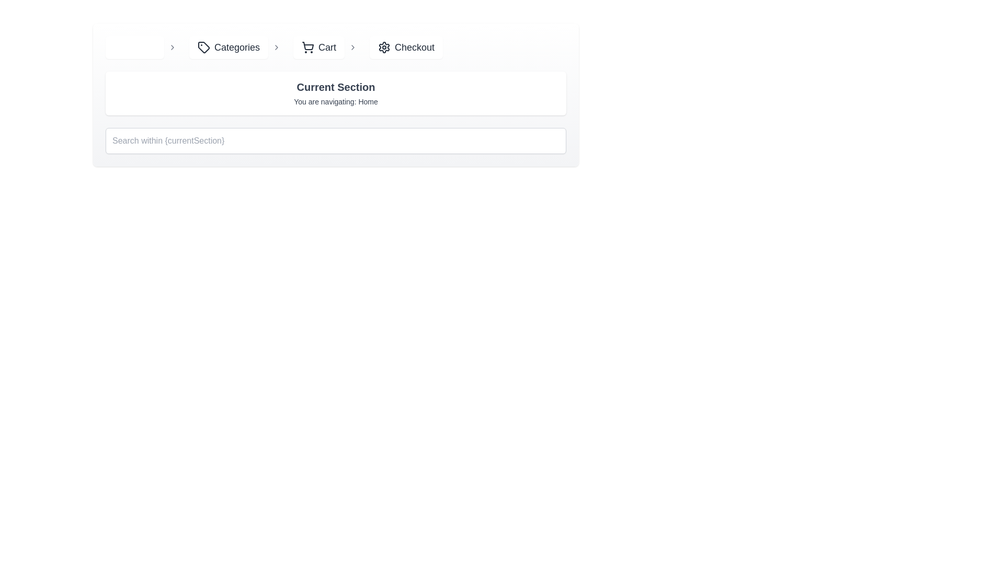 The width and height of the screenshot is (1004, 564). I want to click on the navigational status display text block indicating the user's current location within the website, which shows 'Home', so click(336, 95).